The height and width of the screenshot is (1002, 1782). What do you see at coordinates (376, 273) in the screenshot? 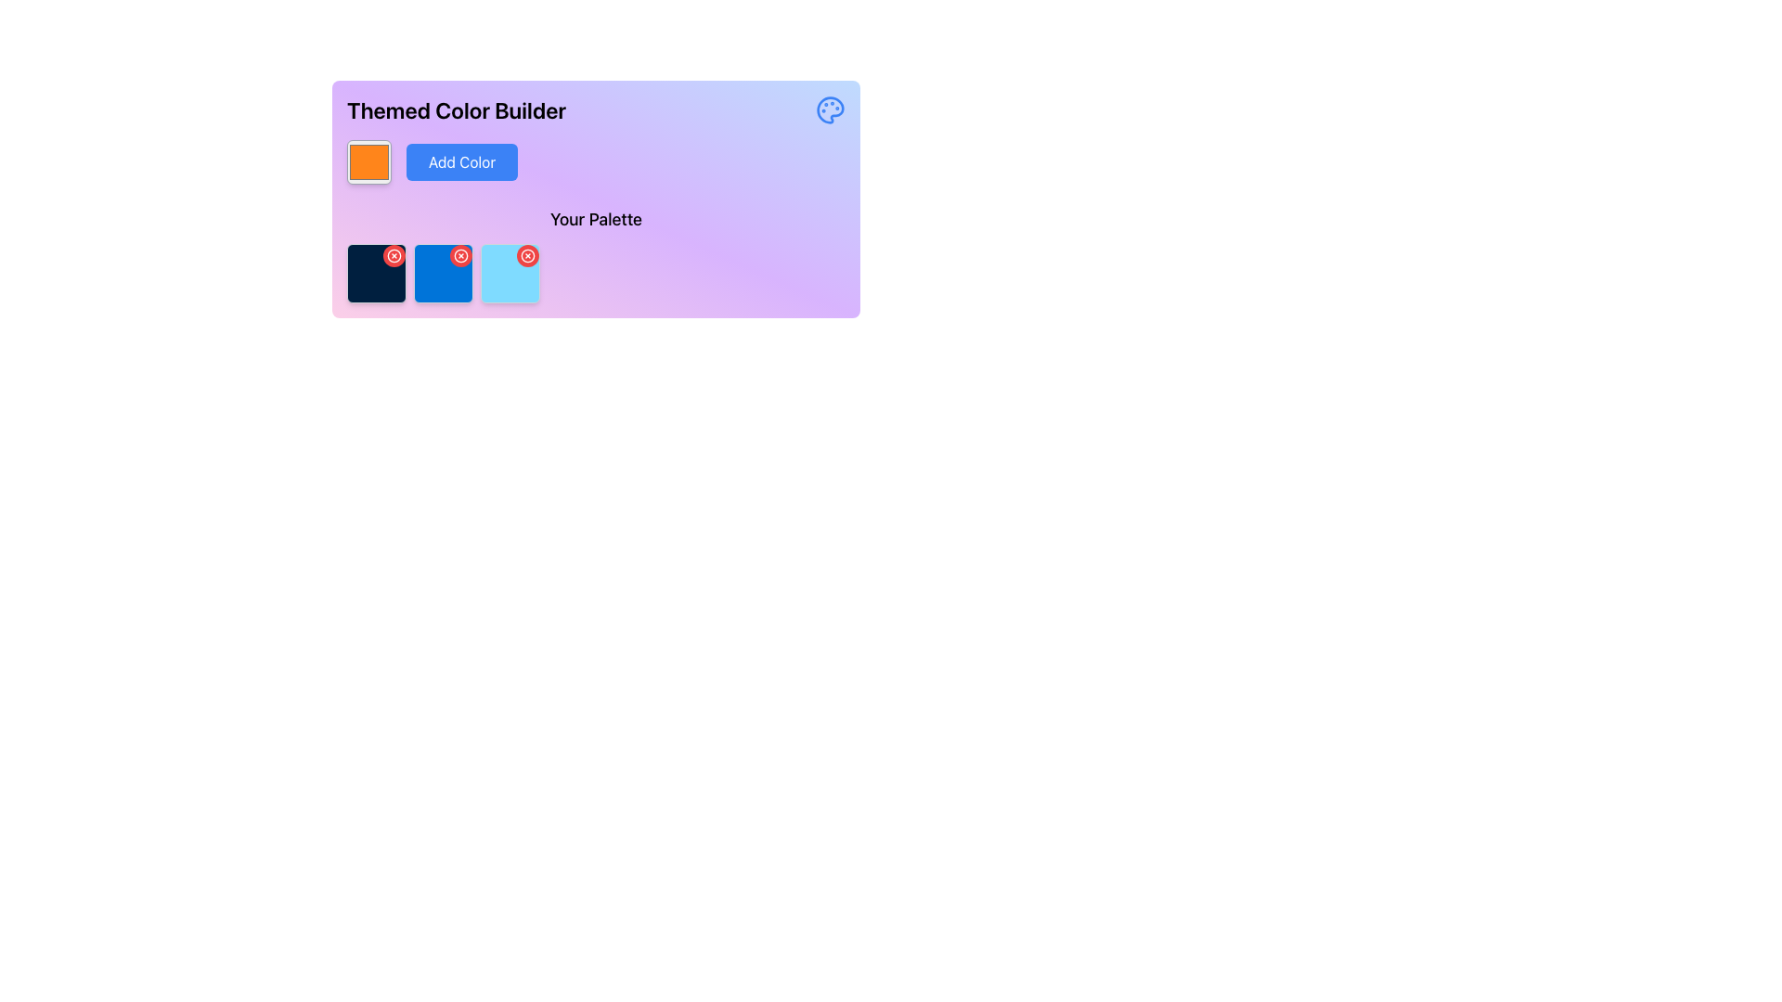
I see `the first dark blue color block in 'Your Palette'` at bounding box center [376, 273].